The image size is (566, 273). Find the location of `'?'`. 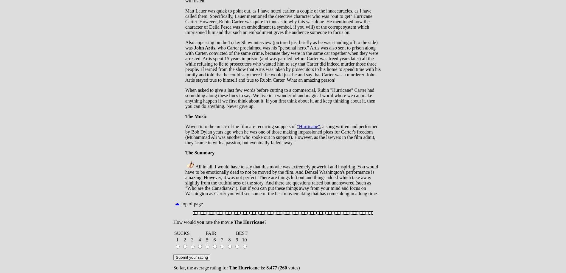

'?' is located at coordinates (264, 222).